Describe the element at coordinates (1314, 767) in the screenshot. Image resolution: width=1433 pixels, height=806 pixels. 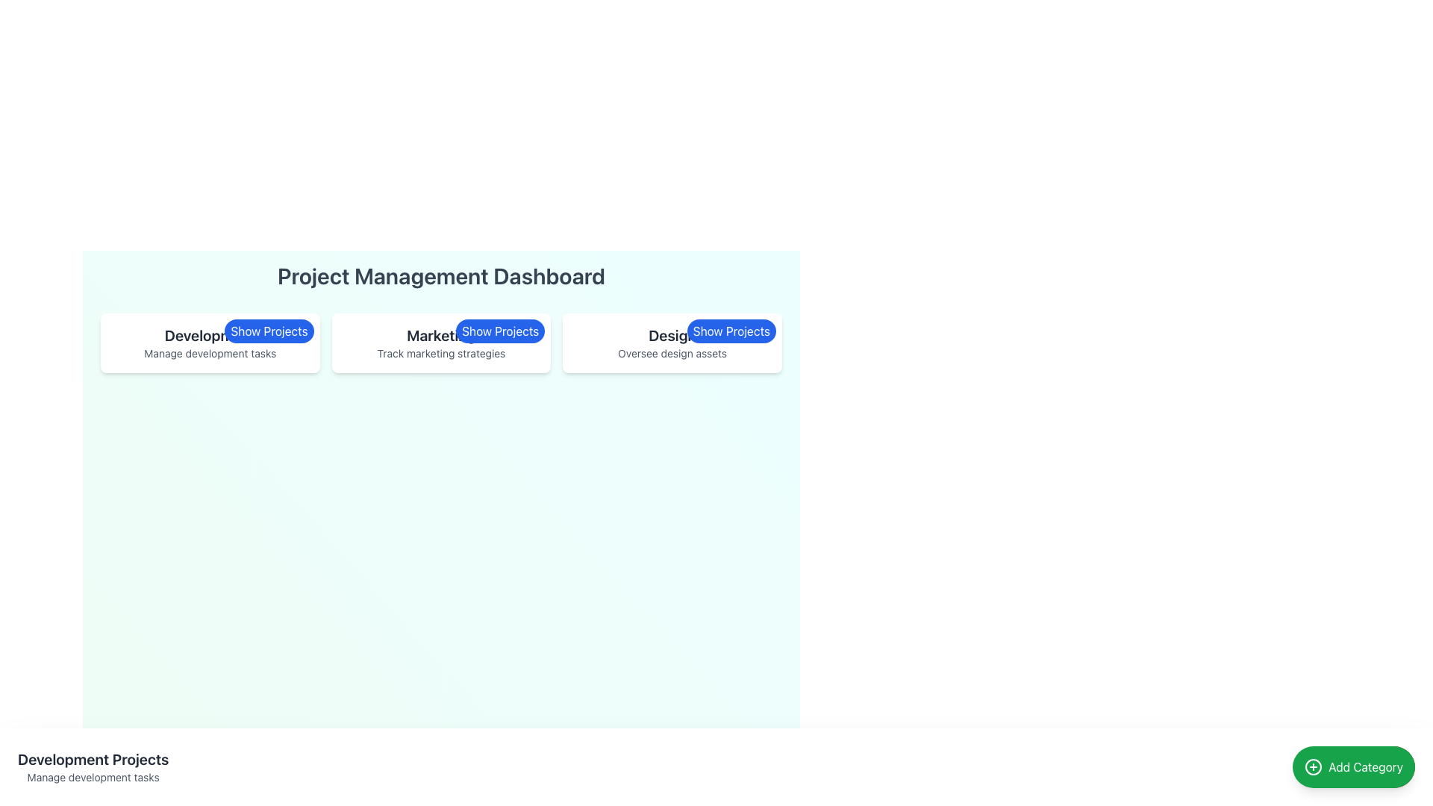
I see `the interactive SVG Circle within the 'Add Category' button located at the bottom-right corner of the interface for keyboard navigation` at that location.